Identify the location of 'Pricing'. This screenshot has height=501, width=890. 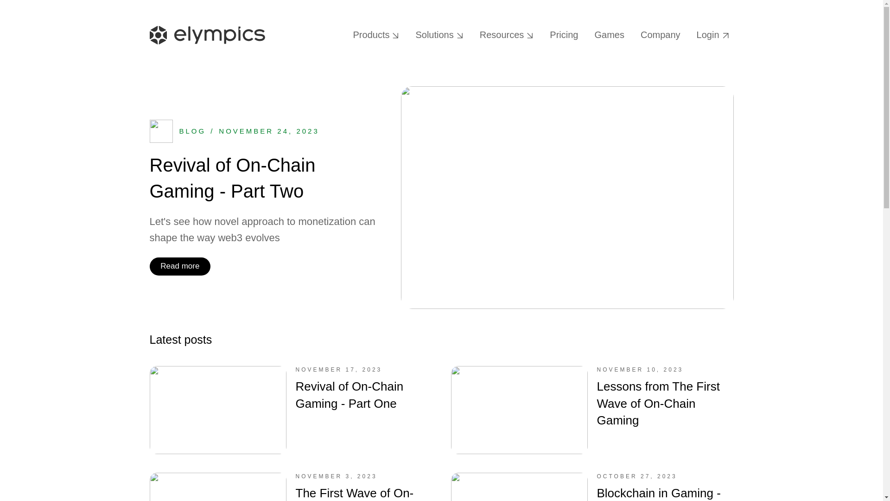
(545, 34).